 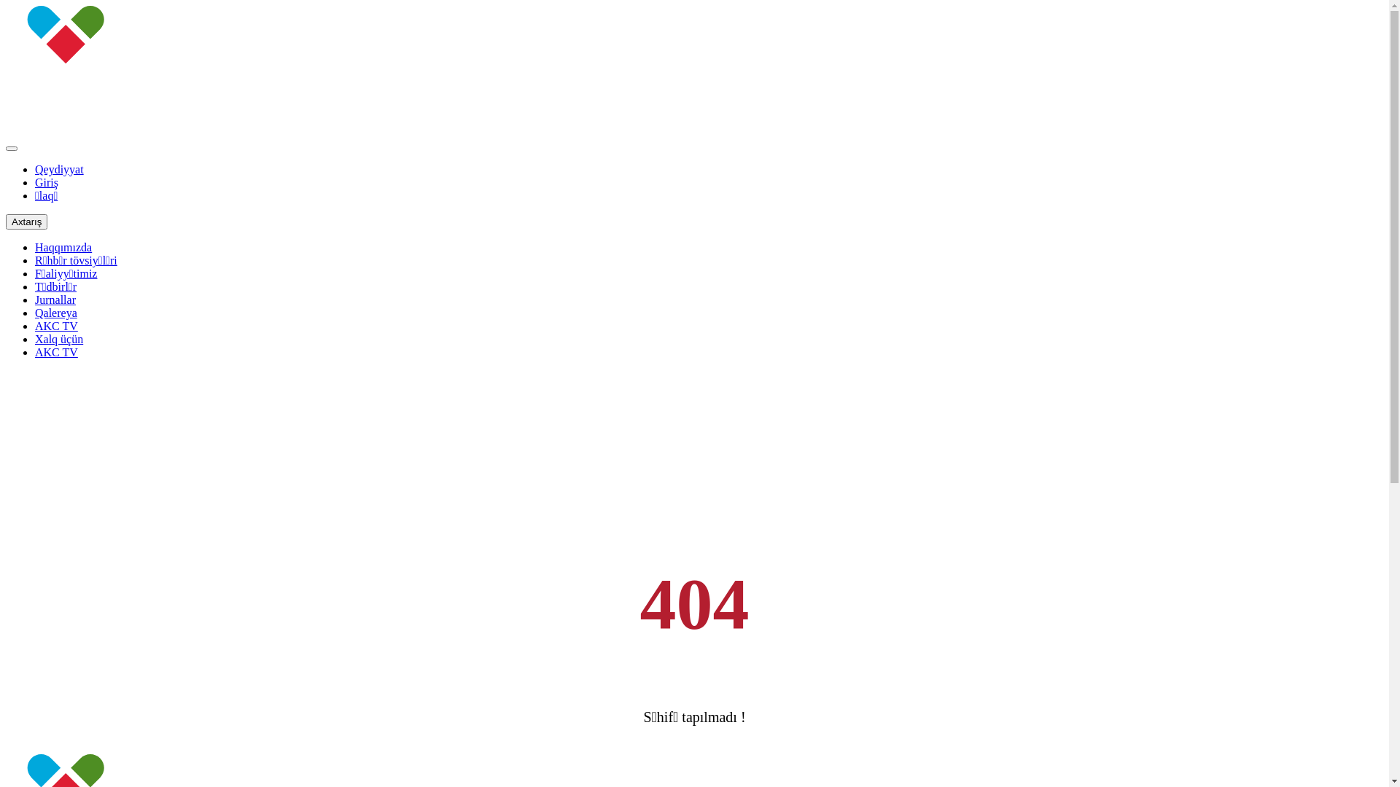 I want to click on 'AKC TV', so click(x=56, y=325).